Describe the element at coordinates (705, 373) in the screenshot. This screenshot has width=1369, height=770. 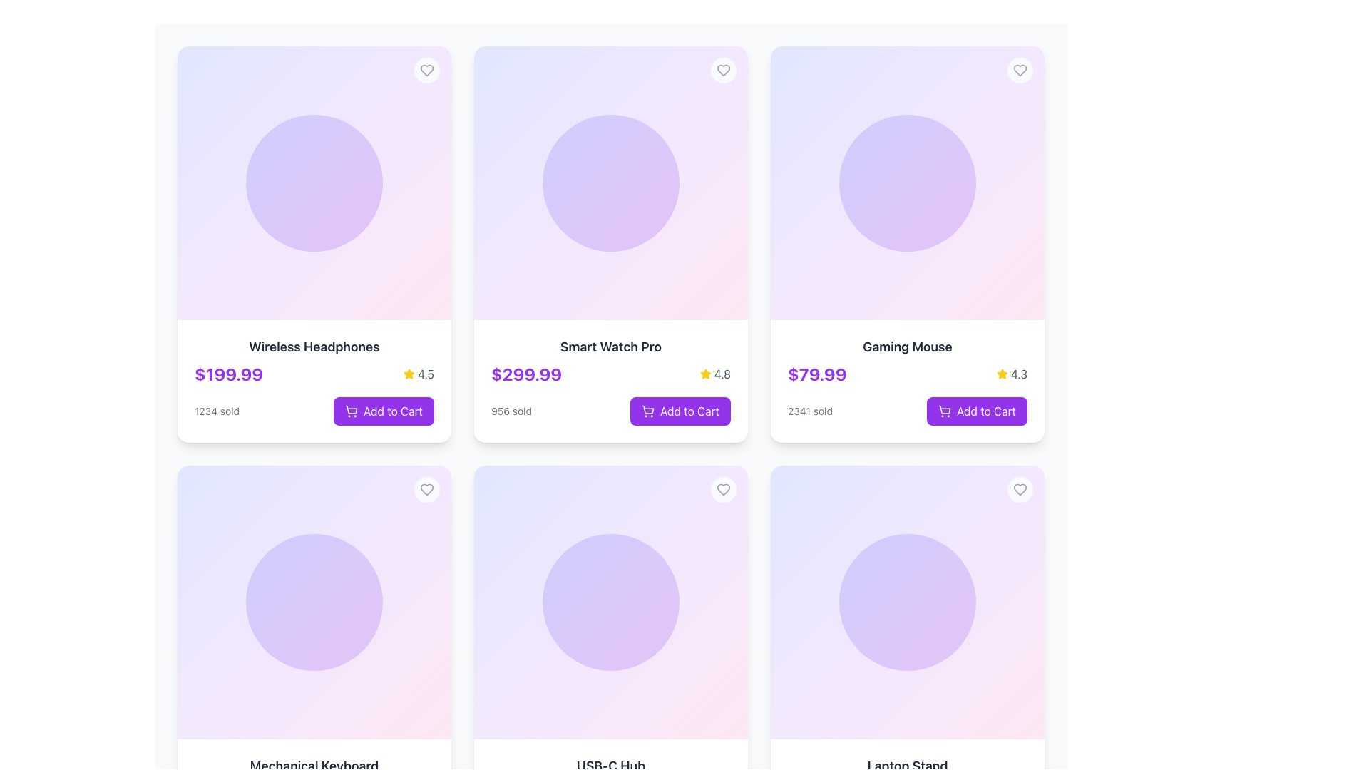
I see `the yellow star icon representing the rating feature for the product 'Smart Watch Pro', which is located to the right of the product price and above the 'Add to Cart' button` at that location.